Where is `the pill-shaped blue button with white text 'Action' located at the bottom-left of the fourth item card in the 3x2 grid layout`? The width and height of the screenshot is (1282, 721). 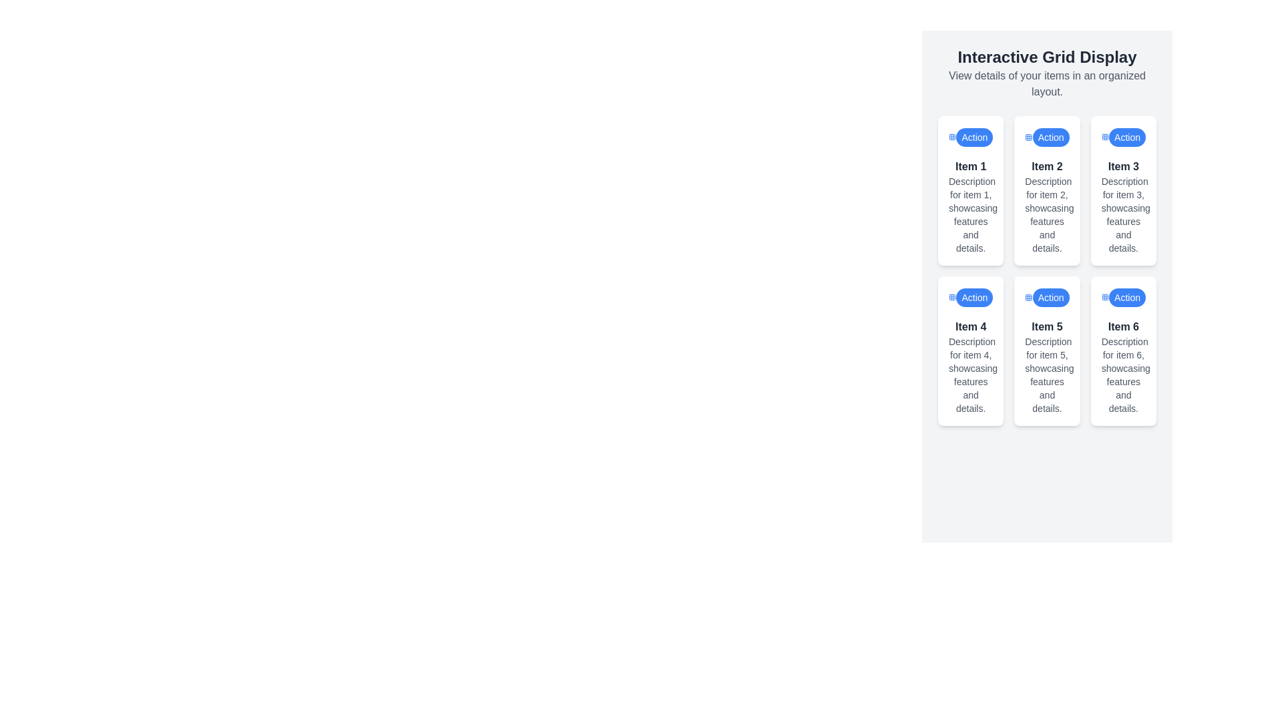
the pill-shaped blue button with white text 'Action' located at the bottom-left of the fourth item card in the 3x2 grid layout is located at coordinates (974, 297).